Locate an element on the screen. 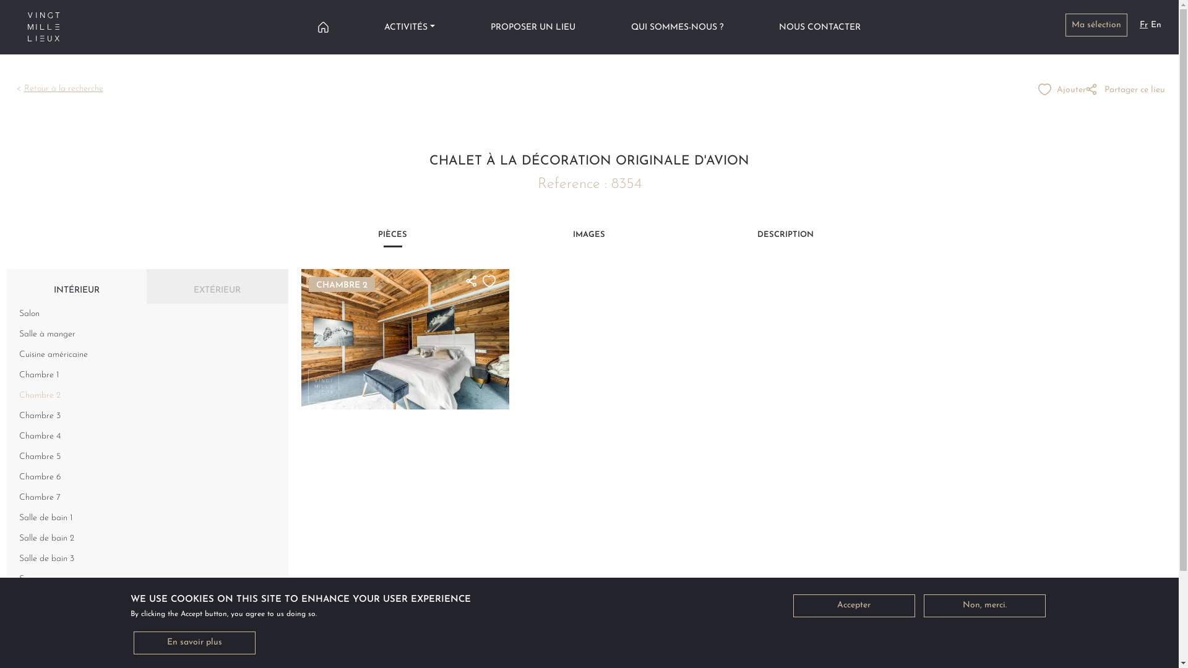 The image size is (1188, 668). 'Partager ce lieu' is located at coordinates (1126, 89).